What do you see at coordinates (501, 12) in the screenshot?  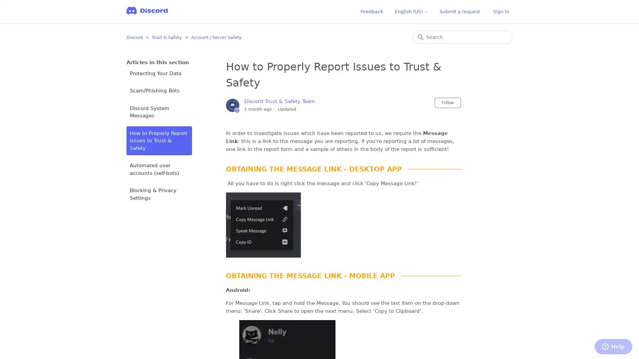 I see `Sign in` at bounding box center [501, 12].